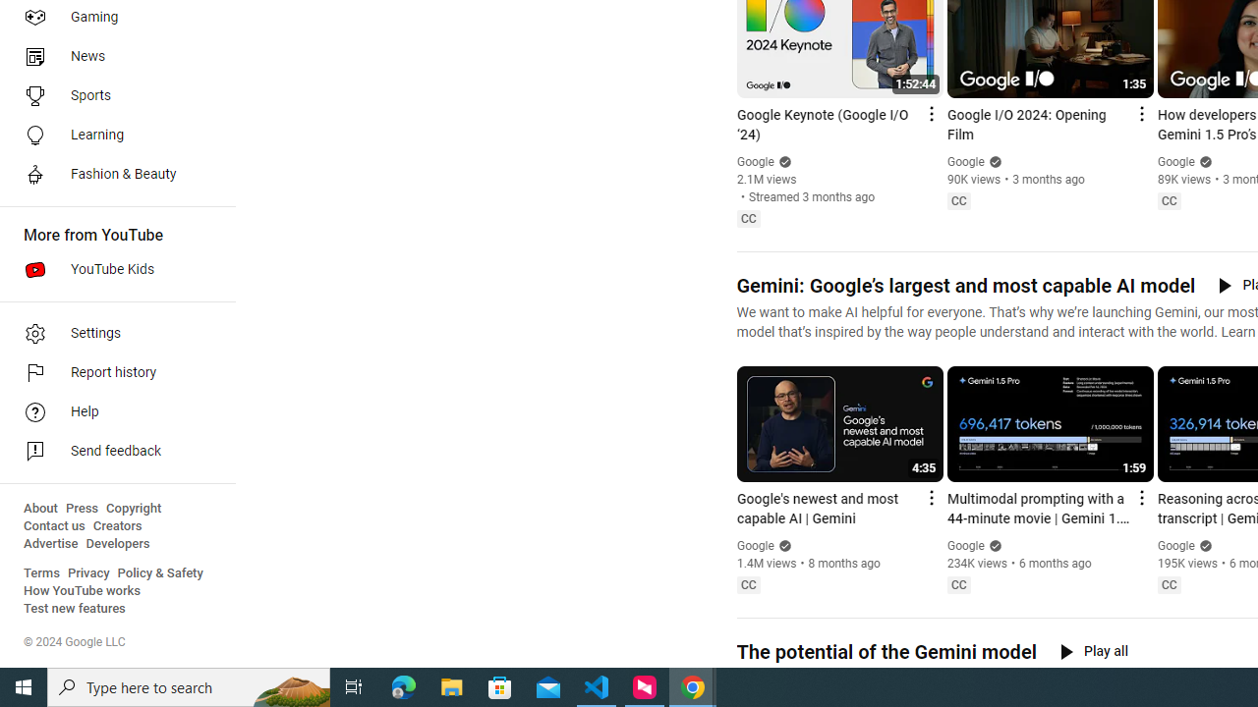  I want to click on 'The potential of the Gemini model', so click(885, 652).